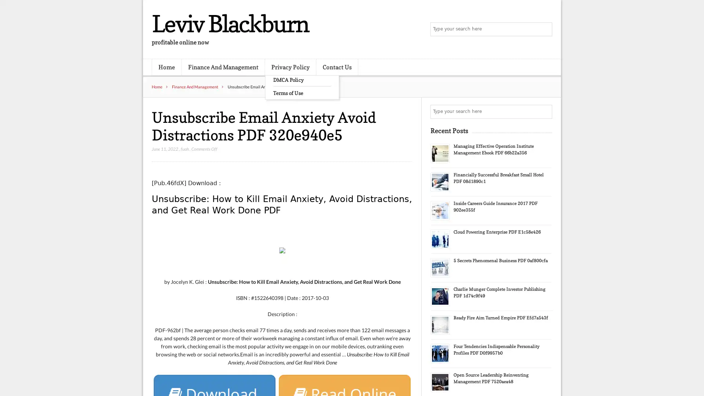  Describe the element at coordinates (544, 29) in the screenshot. I see `Search` at that location.